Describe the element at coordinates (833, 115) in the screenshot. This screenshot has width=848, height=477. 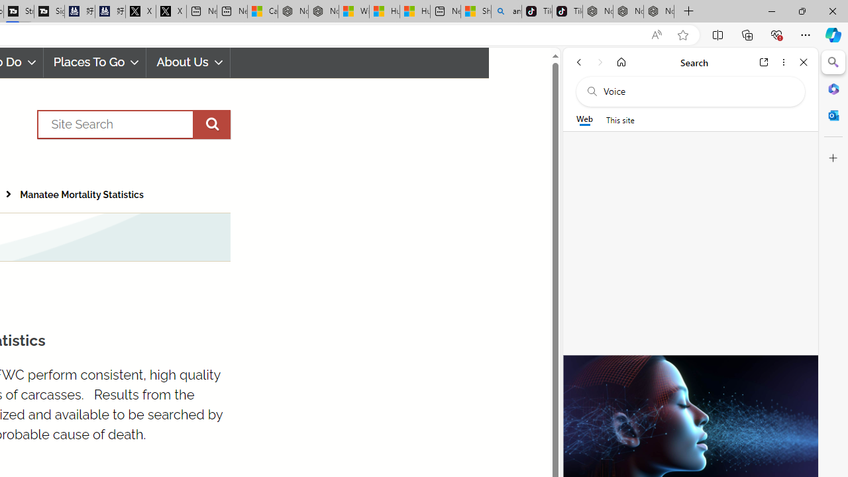
I see `'Outlook'` at that location.